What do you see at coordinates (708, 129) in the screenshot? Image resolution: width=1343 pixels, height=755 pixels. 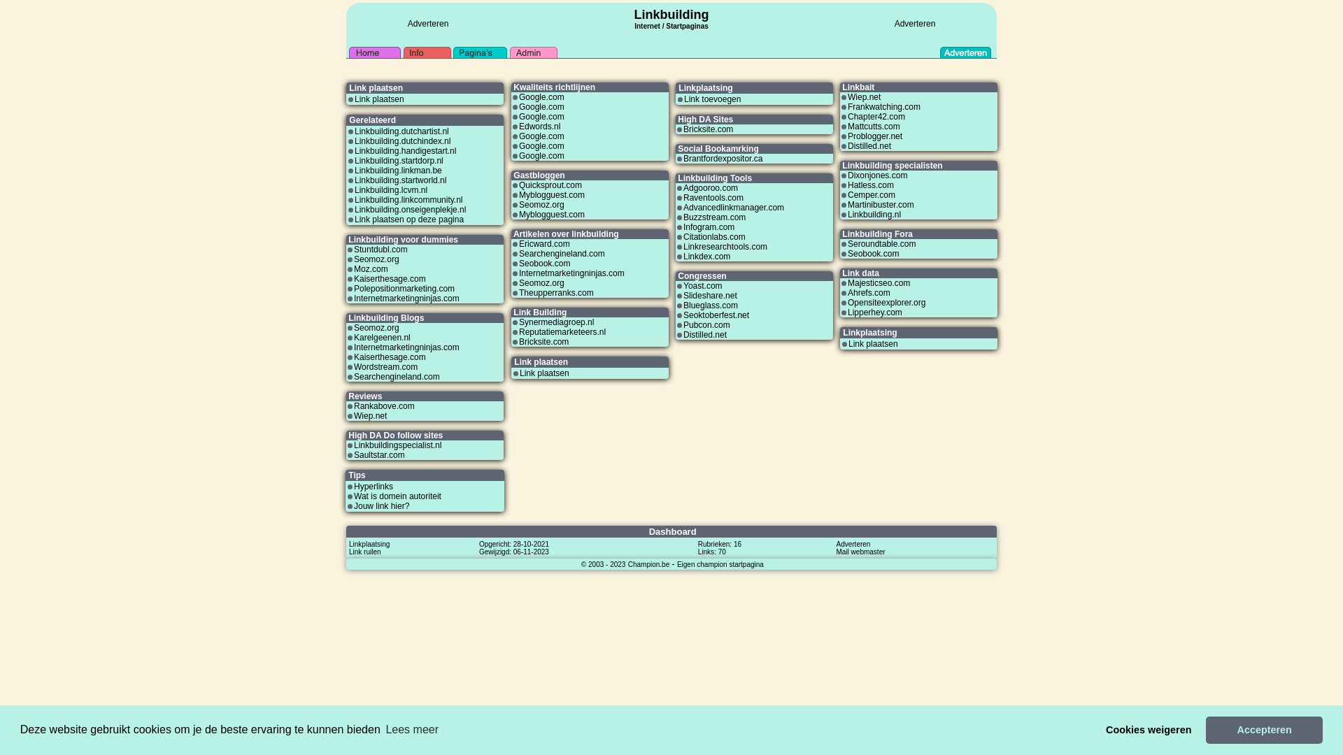 I see `'Bricksite.com'` at bounding box center [708, 129].